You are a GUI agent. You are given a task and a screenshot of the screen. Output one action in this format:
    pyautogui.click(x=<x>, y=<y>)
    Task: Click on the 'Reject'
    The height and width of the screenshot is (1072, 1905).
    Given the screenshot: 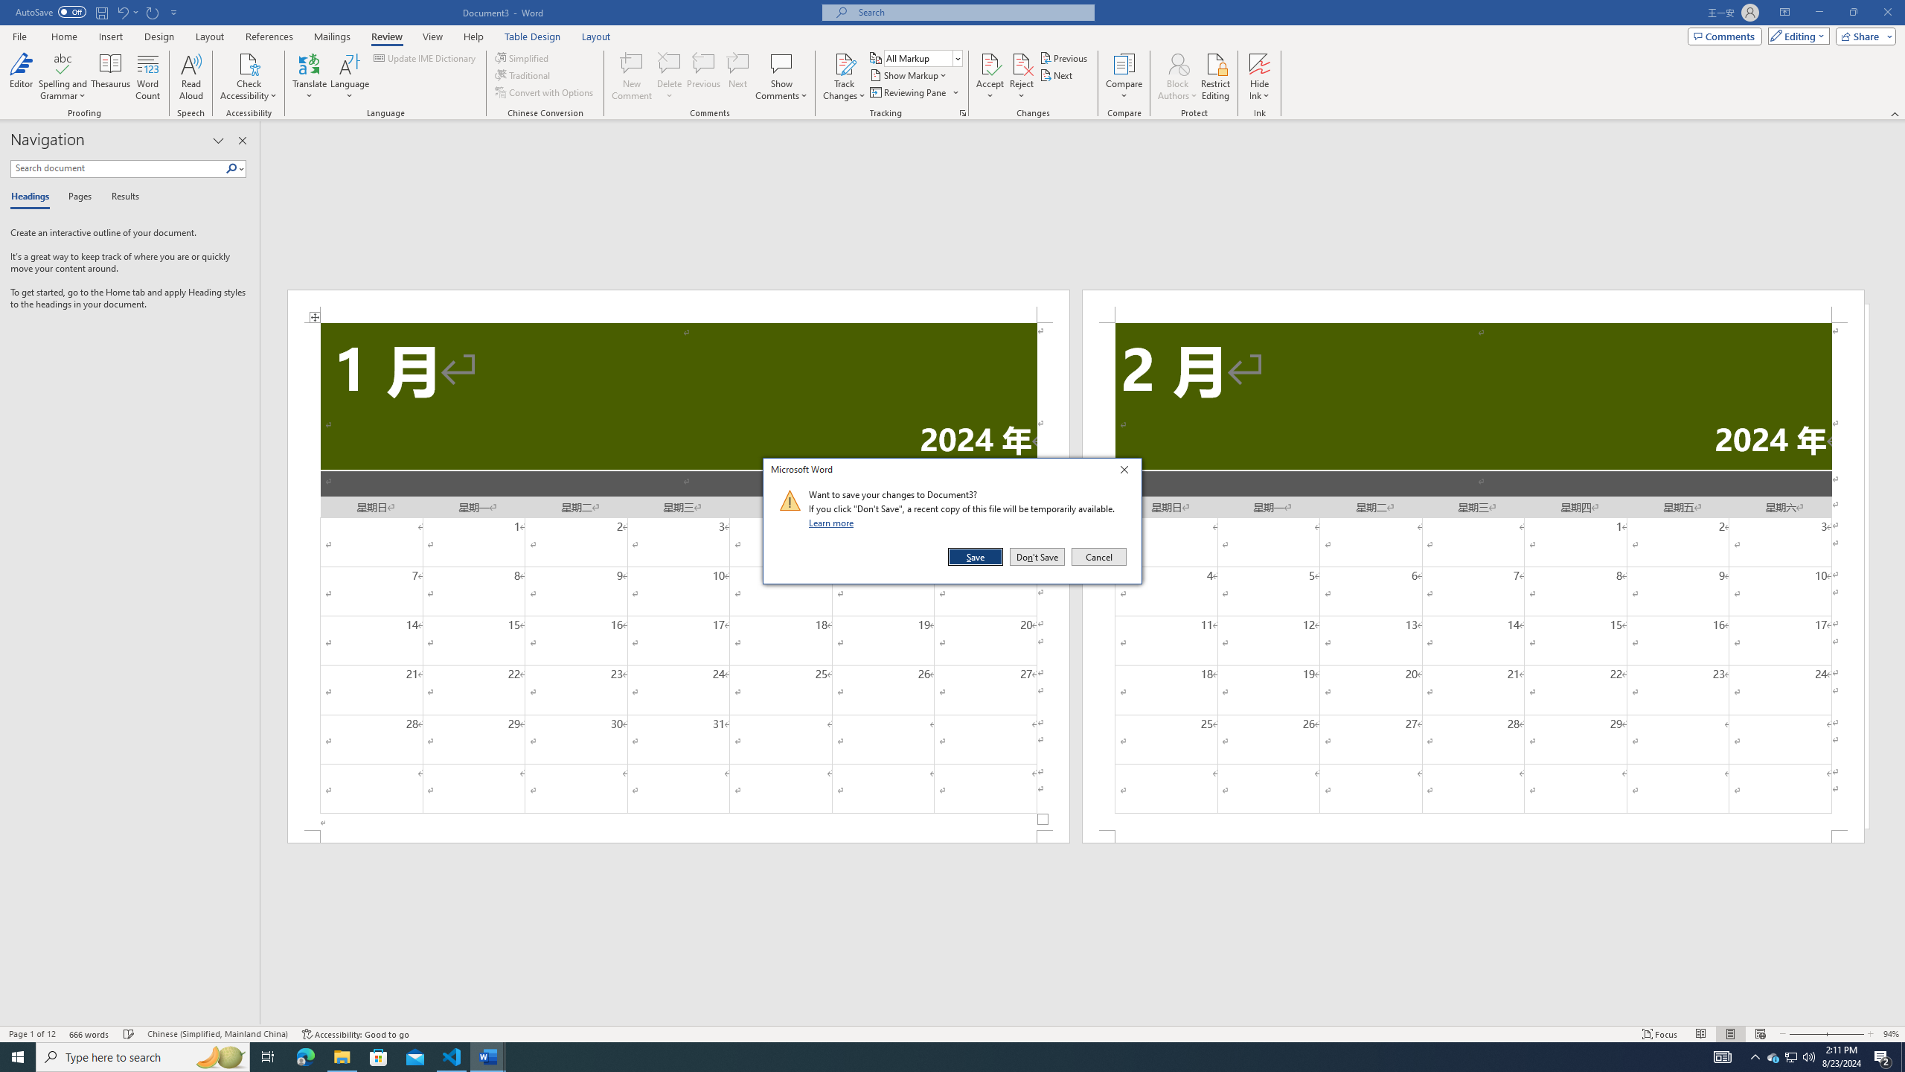 What is the action you would take?
    pyautogui.click(x=1022, y=77)
    